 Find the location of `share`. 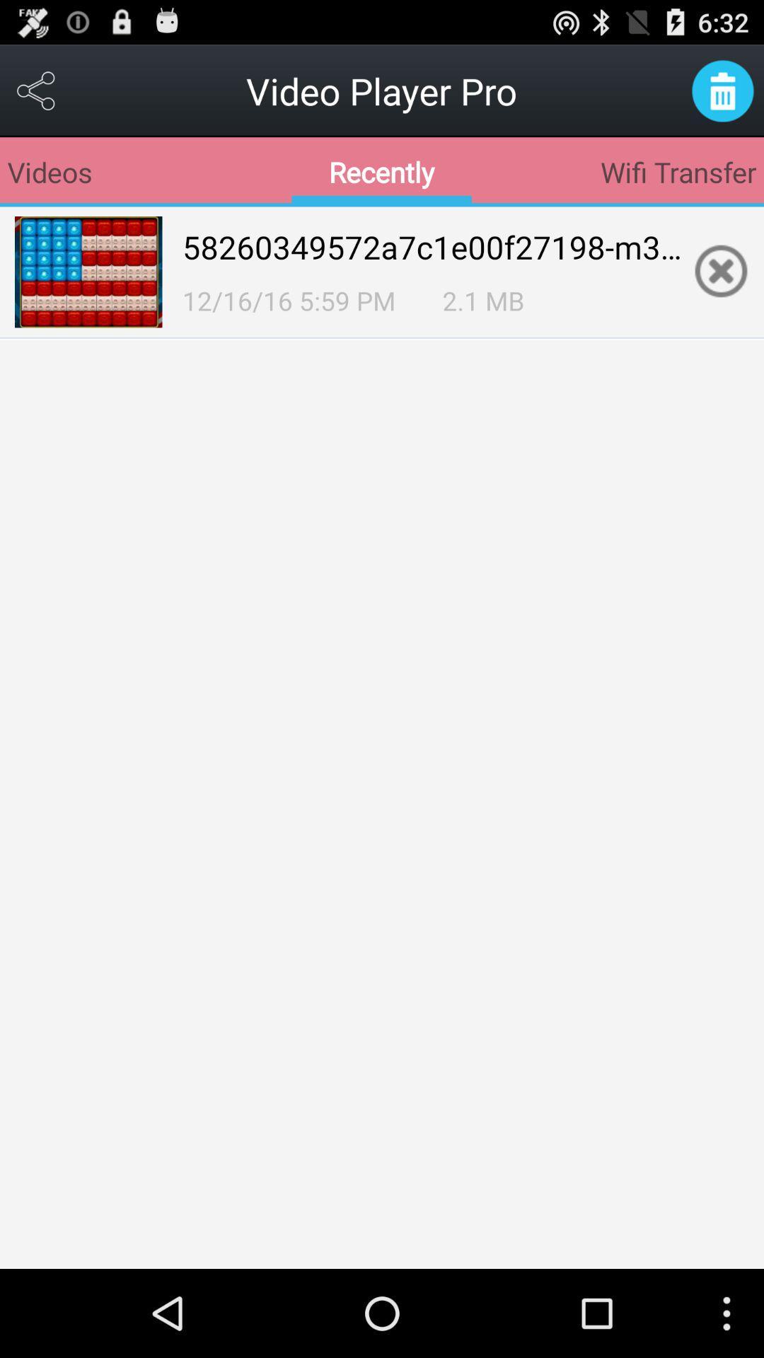

share is located at coordinates (36, 90).